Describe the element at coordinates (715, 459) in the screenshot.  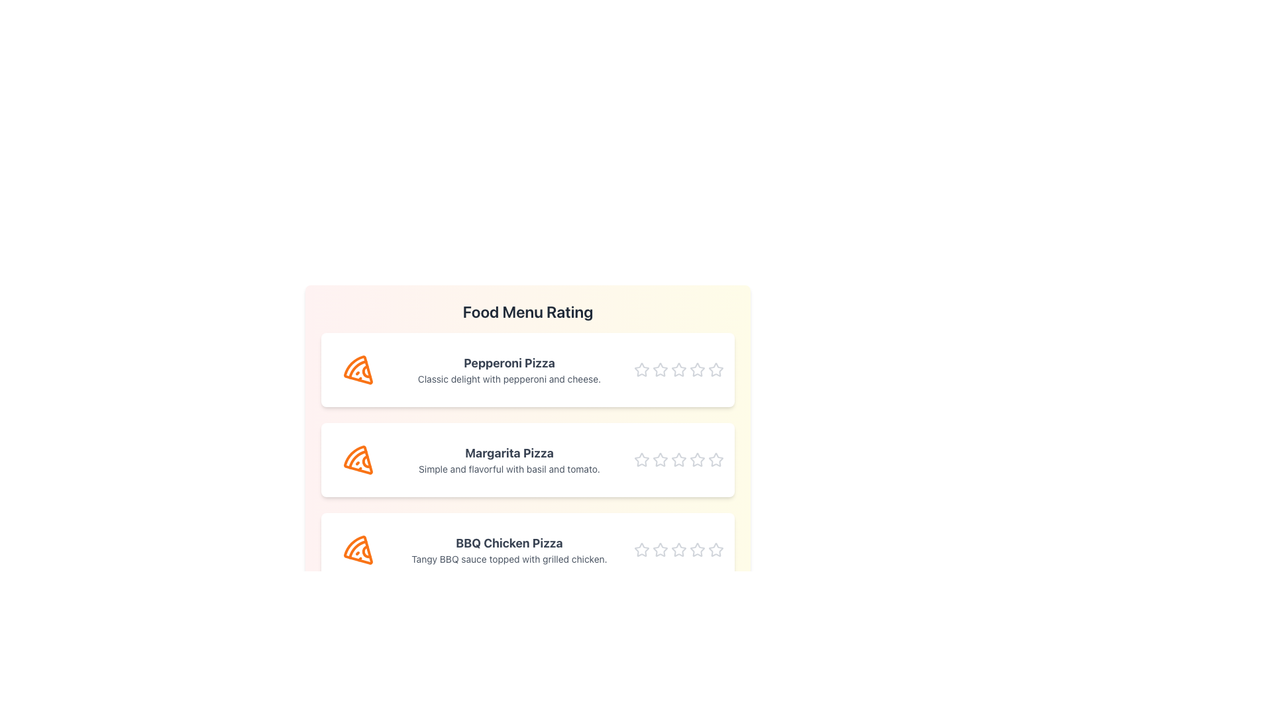
I see `the fourth star in the star rating interface for 'Margarita Pizza'` at that location.